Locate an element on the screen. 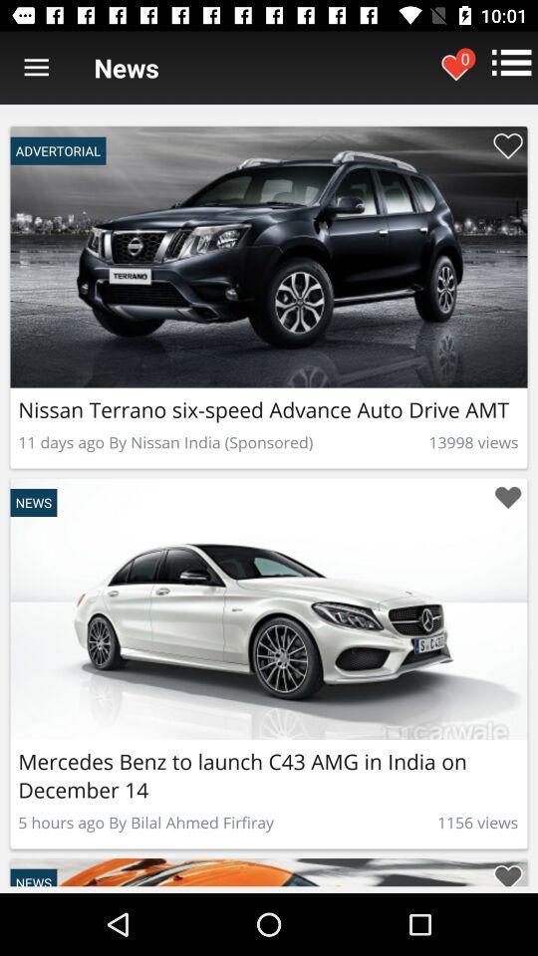 Image resolution: width=538 pixels, height=956 pixels. icon to the left of the news icon is located at coordinates (36, 68).